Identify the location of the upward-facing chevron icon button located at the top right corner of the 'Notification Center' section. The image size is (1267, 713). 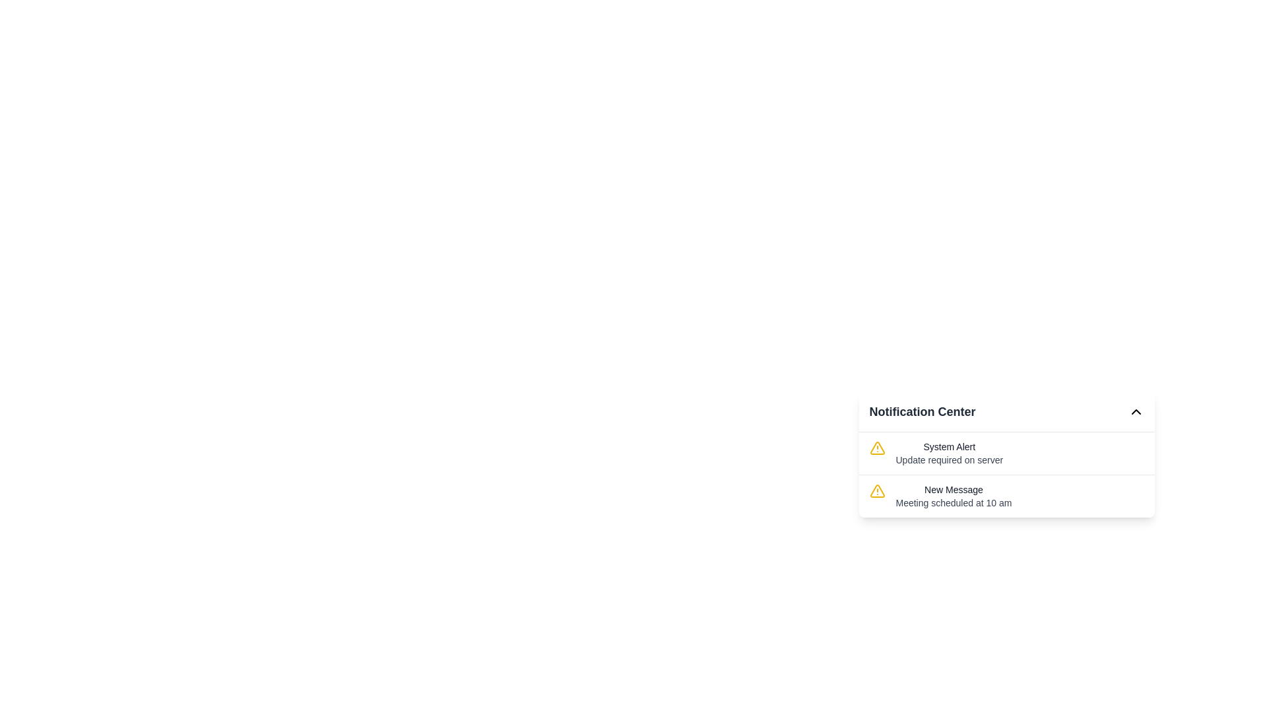
(1135, 411).